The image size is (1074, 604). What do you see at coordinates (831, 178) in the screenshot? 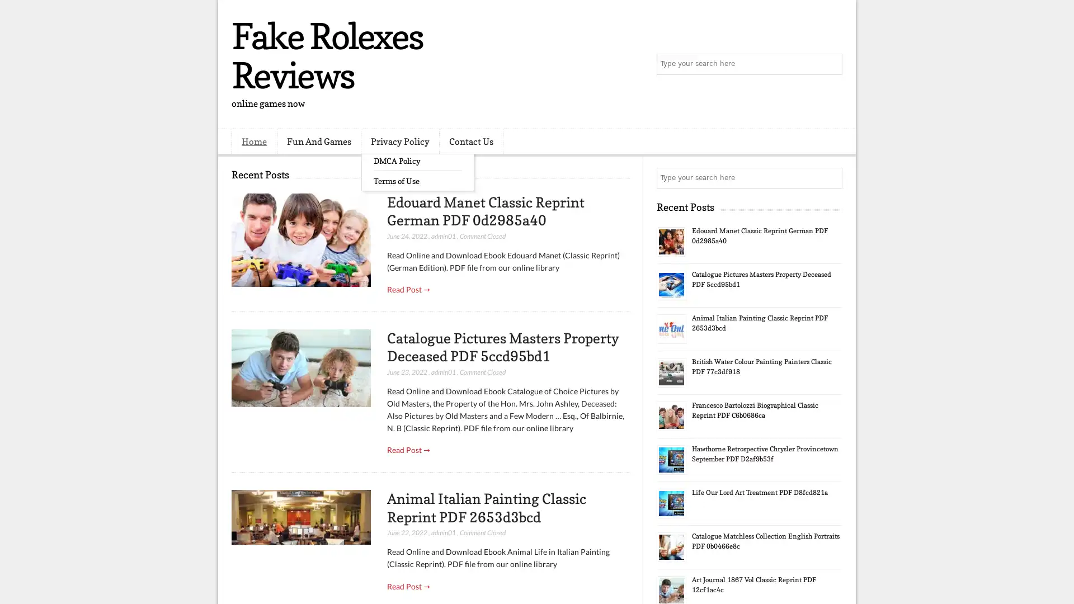
I see `Search` at bounding box center [831, 178].